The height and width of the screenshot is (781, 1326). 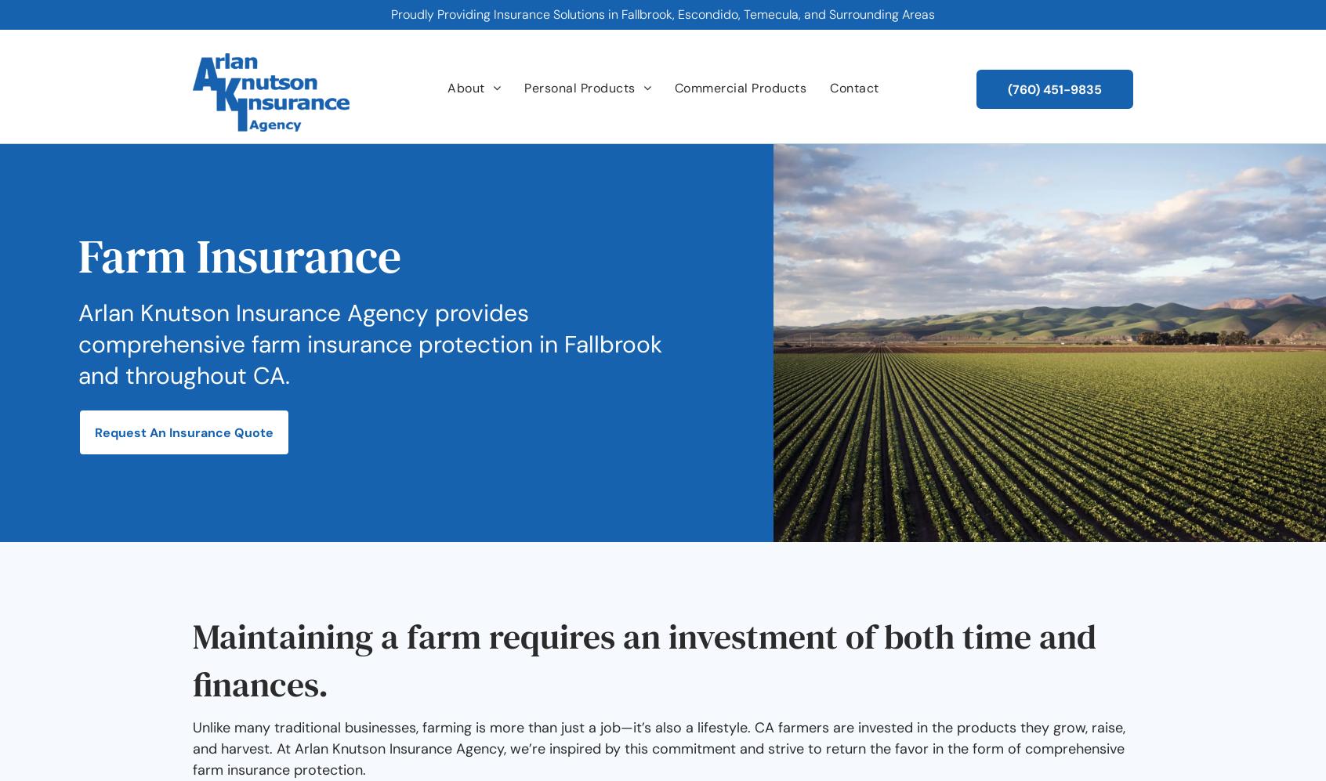 I want to click on 'Request An Insurance Quote', so click(x=183, y=432).